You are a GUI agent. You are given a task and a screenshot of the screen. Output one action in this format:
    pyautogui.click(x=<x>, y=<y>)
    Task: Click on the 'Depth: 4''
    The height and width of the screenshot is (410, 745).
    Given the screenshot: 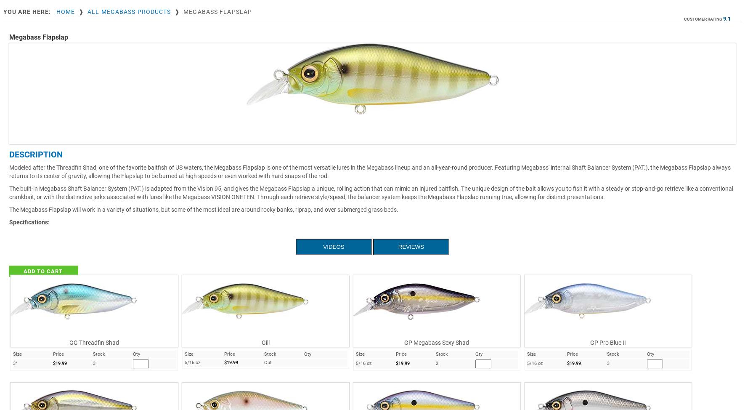 What is the action you would take?
    pyautogui.click(x=37, y=236)
    